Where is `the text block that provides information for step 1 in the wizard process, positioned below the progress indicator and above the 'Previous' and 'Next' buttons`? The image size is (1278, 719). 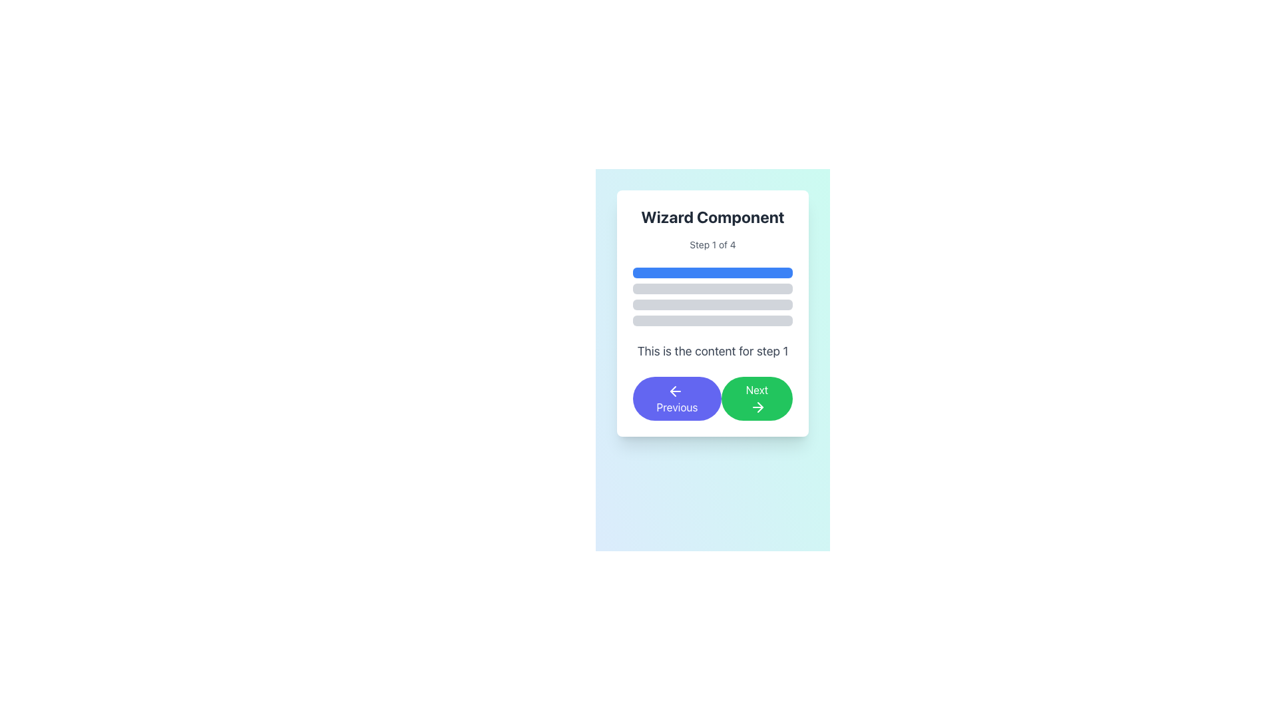
the text block that provides information for step 1 in the wizard process, positioned below the progress indicator and above the 'Previous' and 'Next' buttons is located at coordinates (712, 351).